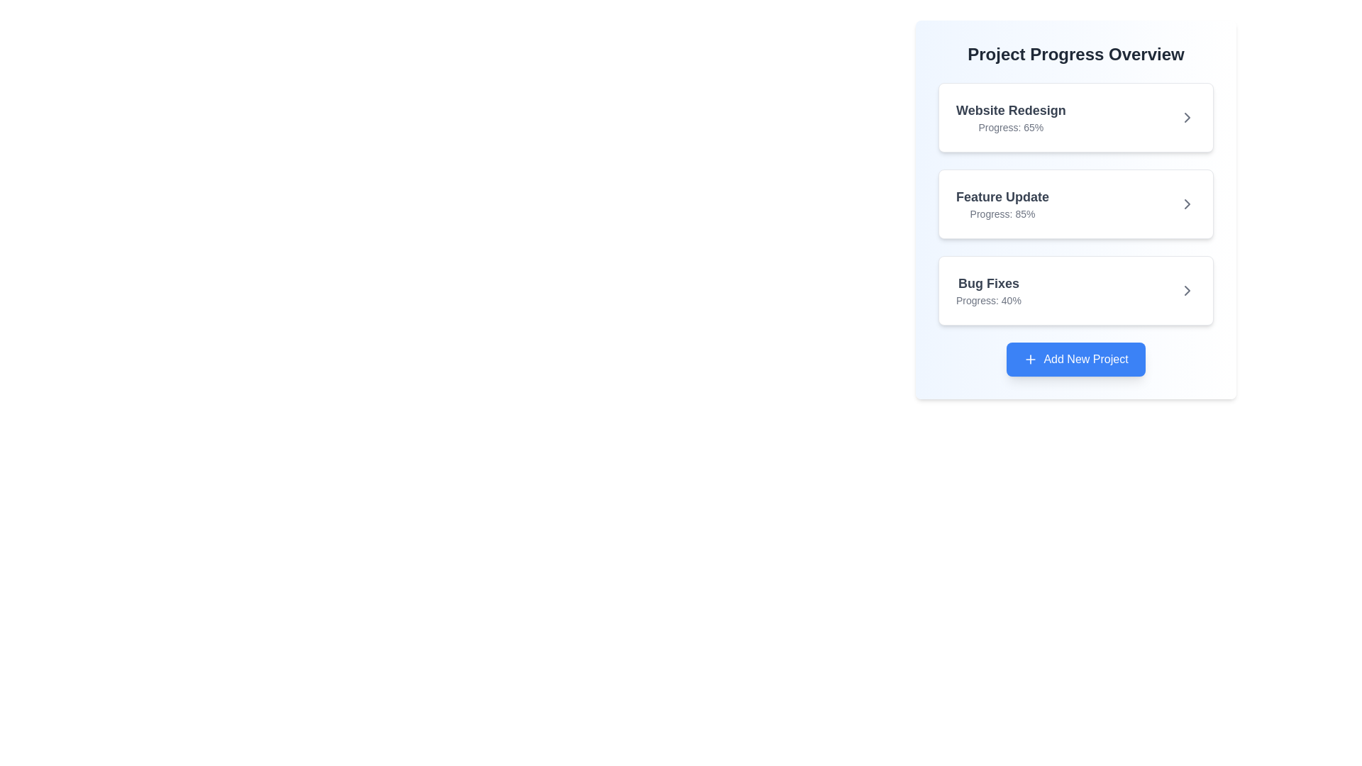  What do you see at coordinates (1002, 213) in the screenshot?
I see `the text label displaying 'Progress: 85%' which is styled in gray color and positioned below the heading 'Feature Update'` at bounding box center [1002, 213].